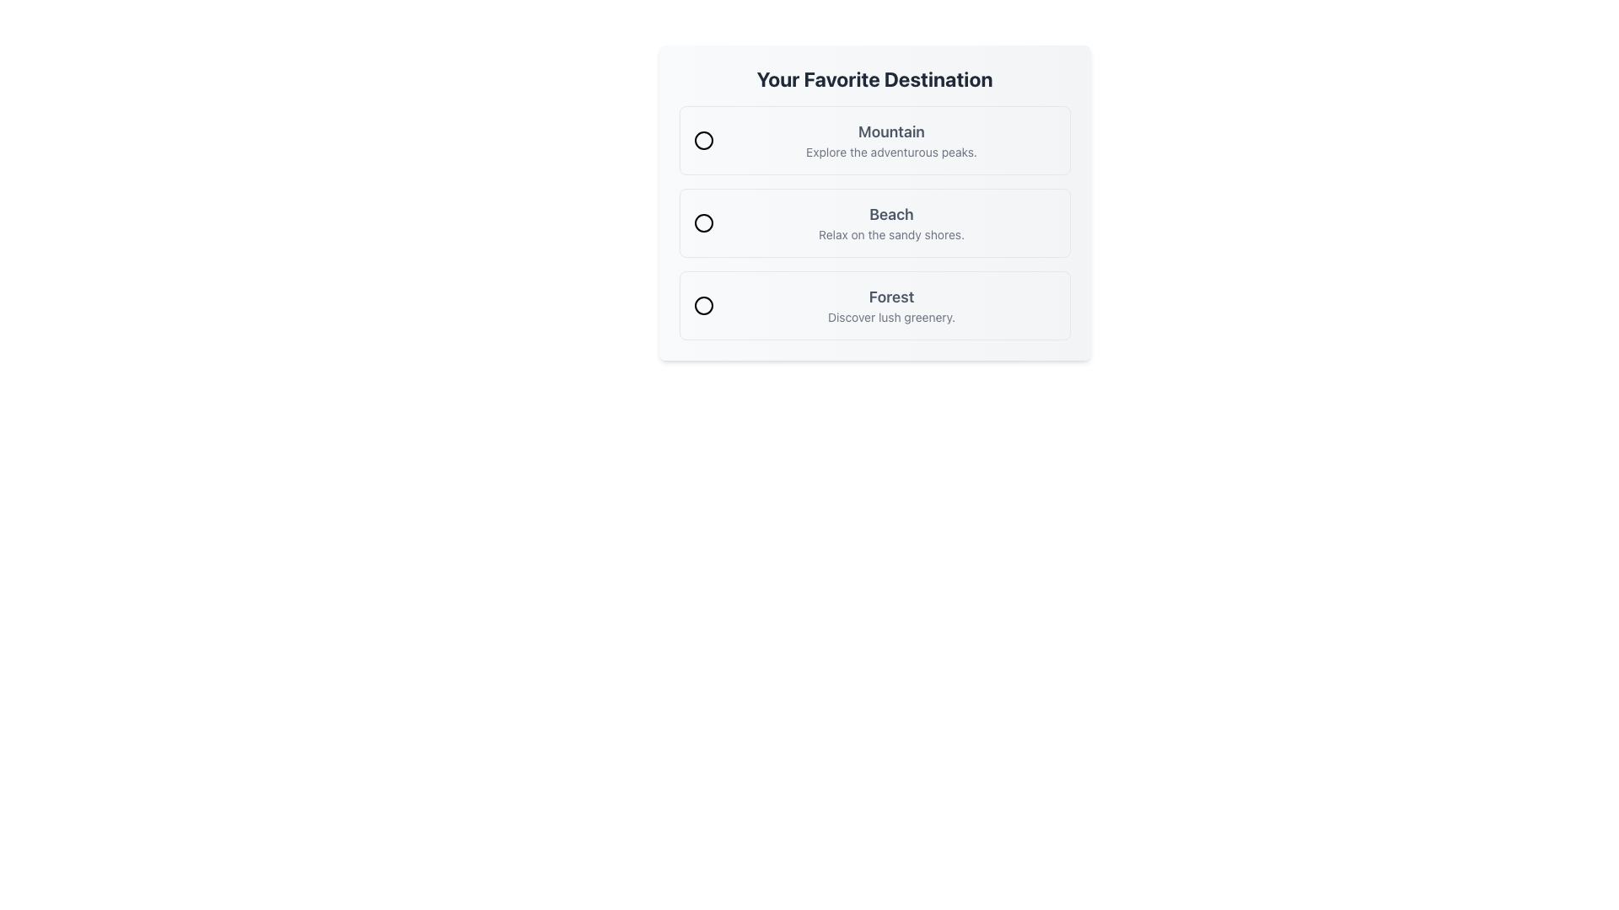 The width and height of the screenshot is (1619, 910). I want to click on the radio button for the 'Beach' option, which is positioned to the left of the text 'Beach' in the survey selection menu, so click(703, 222).